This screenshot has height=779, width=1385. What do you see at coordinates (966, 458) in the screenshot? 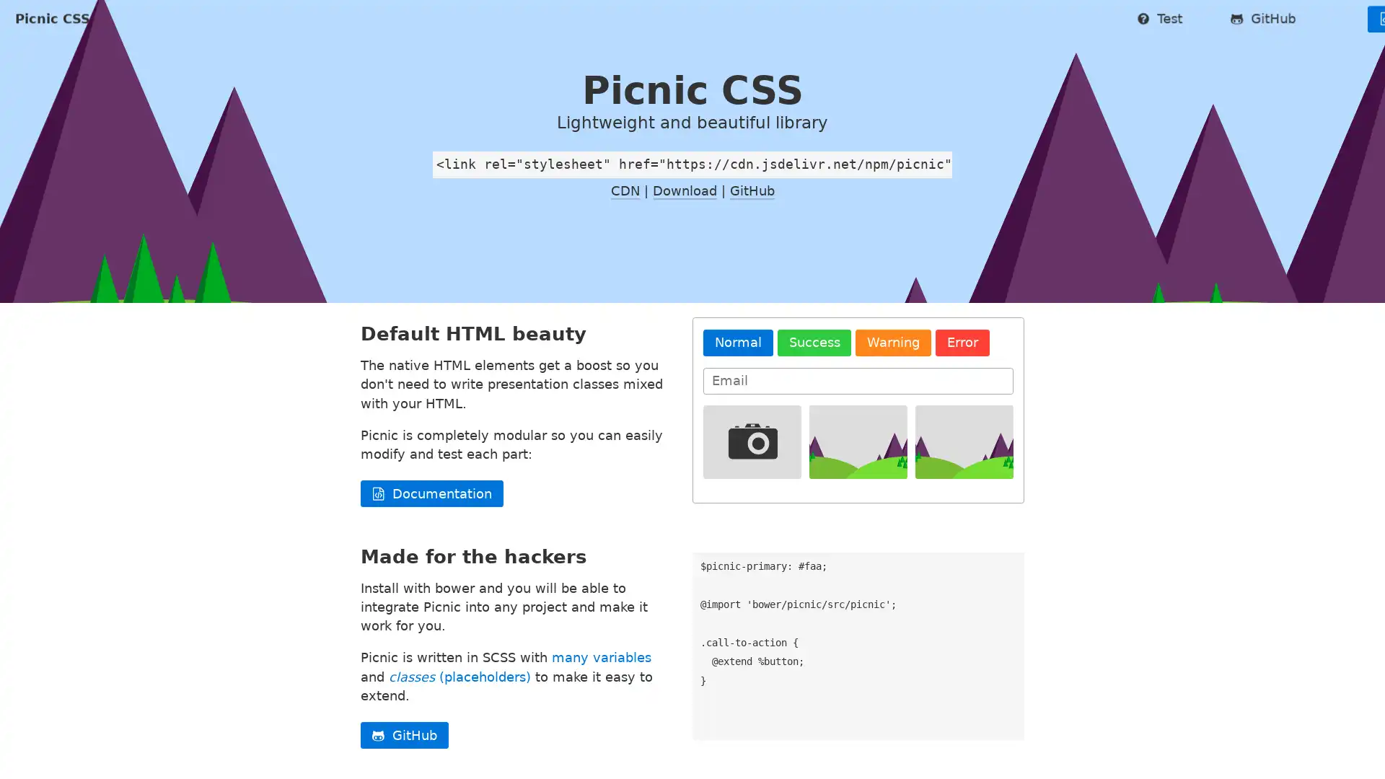
I see `Choose File` at bounding box center [966, 458].